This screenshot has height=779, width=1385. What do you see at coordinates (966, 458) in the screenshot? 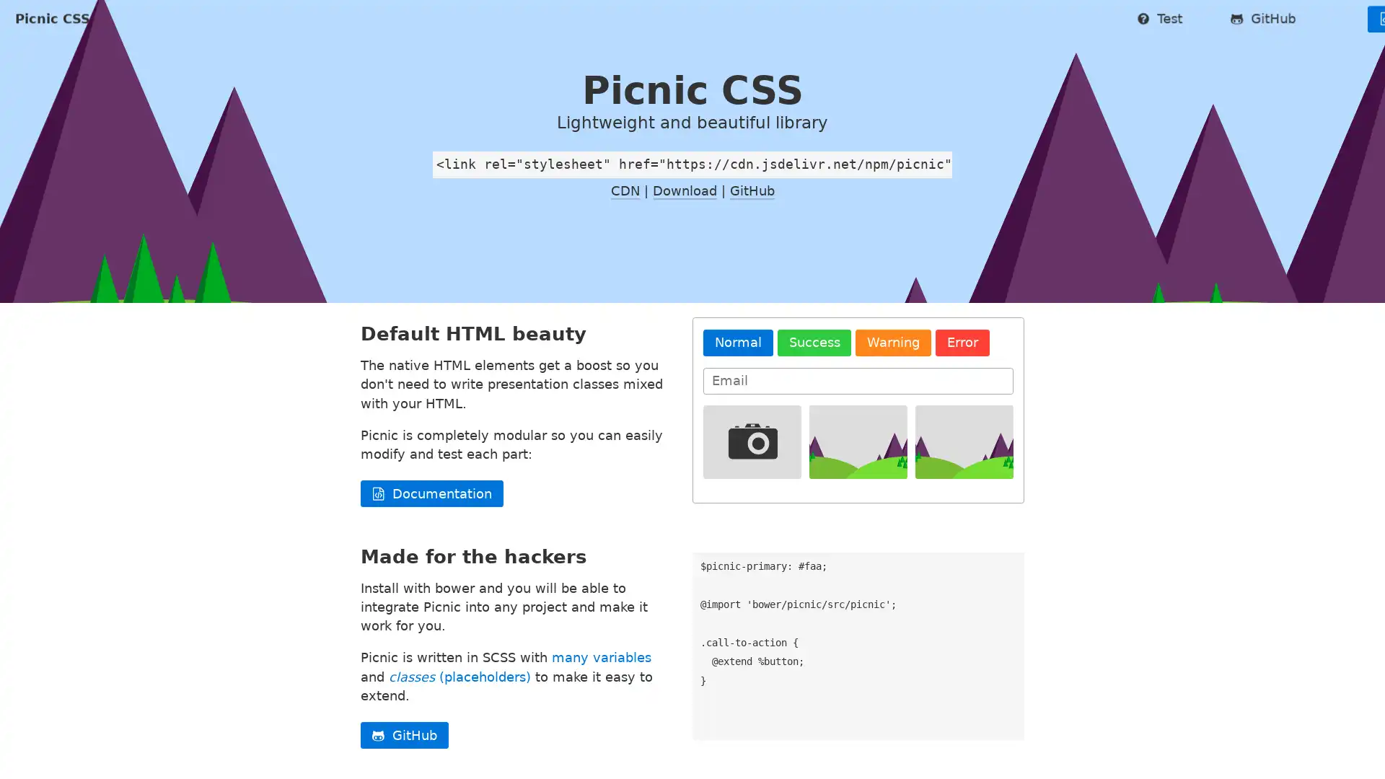
I see `Choose File` at bounding box center [966, 458].